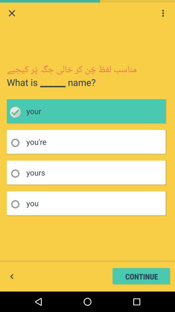 This screenshot has width=175, height=312. What do you see at coordinates (17, 143) in the screenshot?
I see `click youtube option` at bounding box center [17, 143].